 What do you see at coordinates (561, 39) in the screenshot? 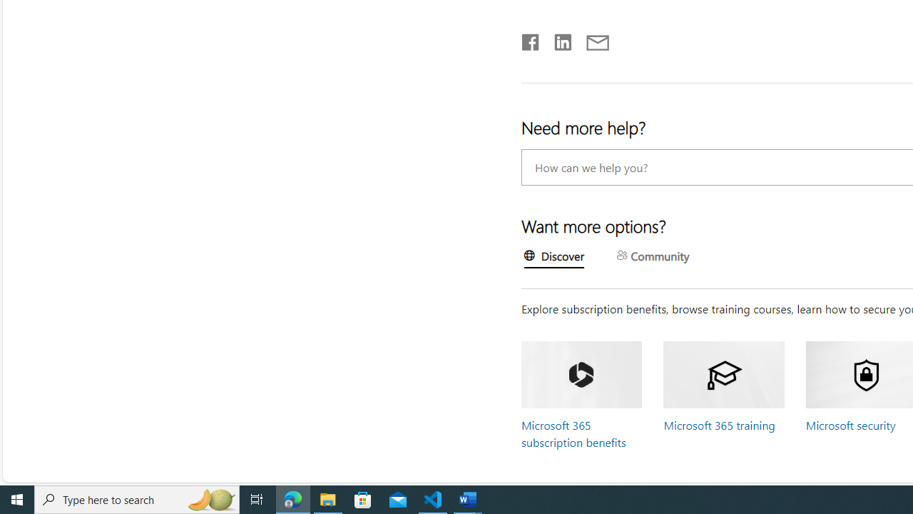
I see `'LinkedIn'` at bounding box center [561, 39].